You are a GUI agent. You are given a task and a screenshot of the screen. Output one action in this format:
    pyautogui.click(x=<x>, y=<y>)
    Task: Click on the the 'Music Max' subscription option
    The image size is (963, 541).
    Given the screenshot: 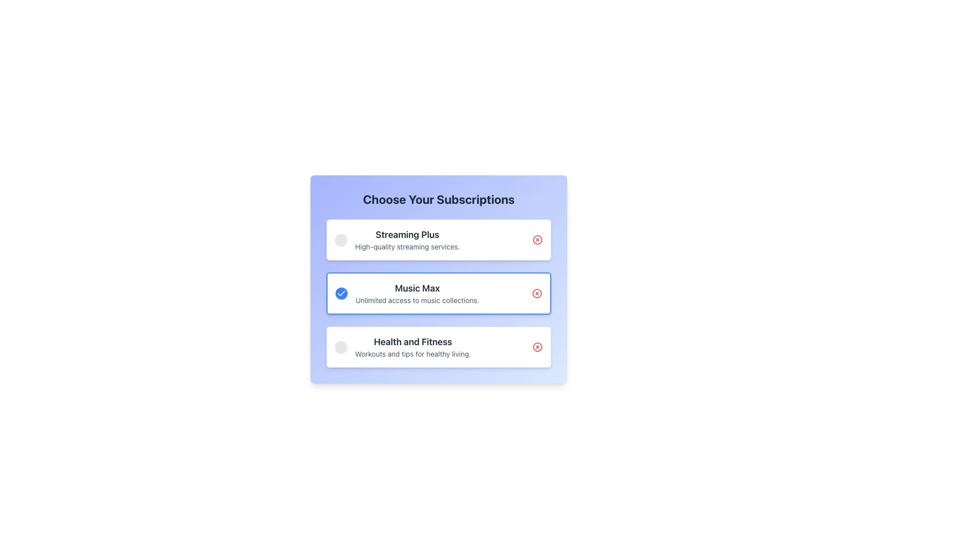 What is the action you would take?
    pyautogui.click(x=407, y=293)
    